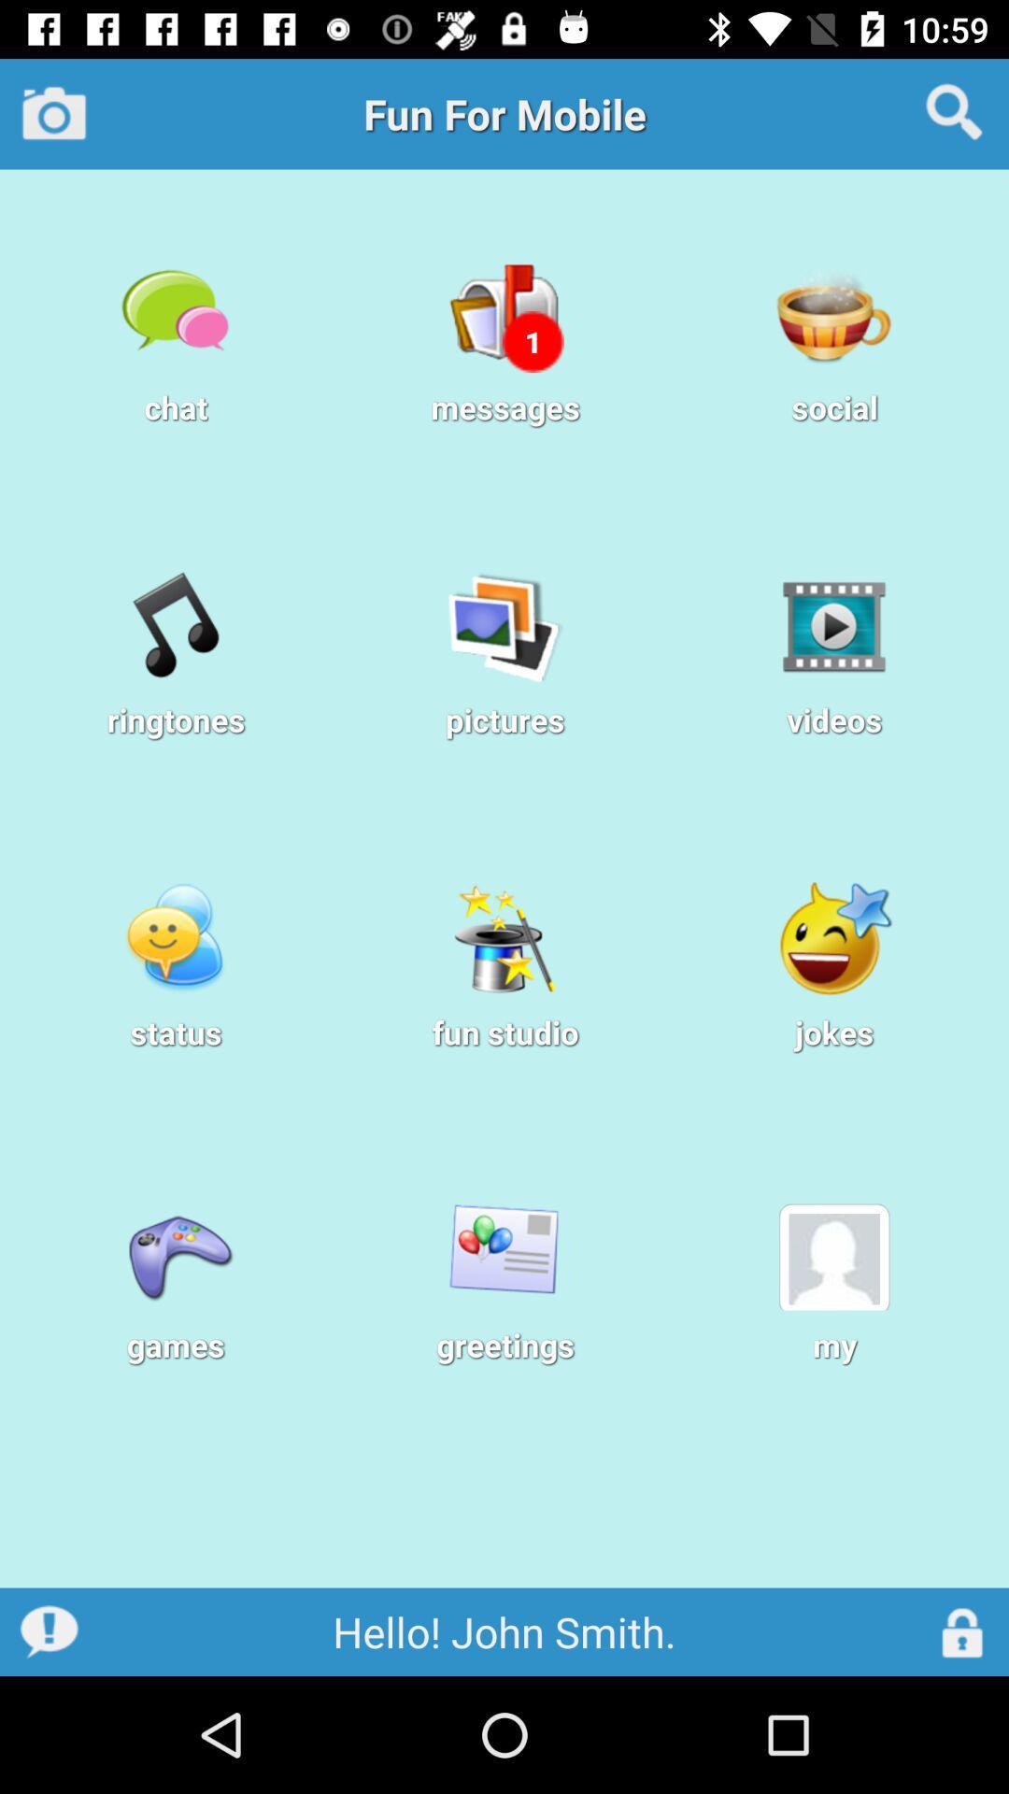  I want to click on the photo icon, so click(53, 112).